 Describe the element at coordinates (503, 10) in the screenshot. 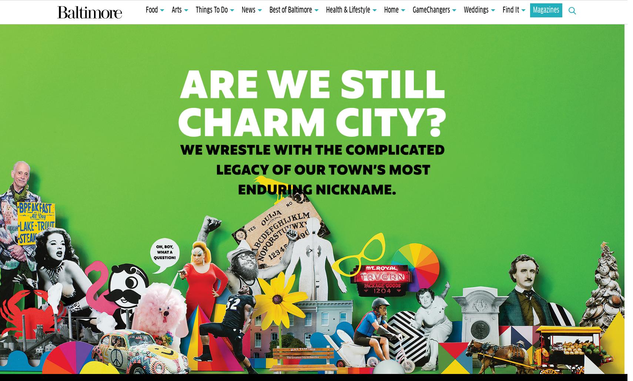

I see `'Find It'` at that location.